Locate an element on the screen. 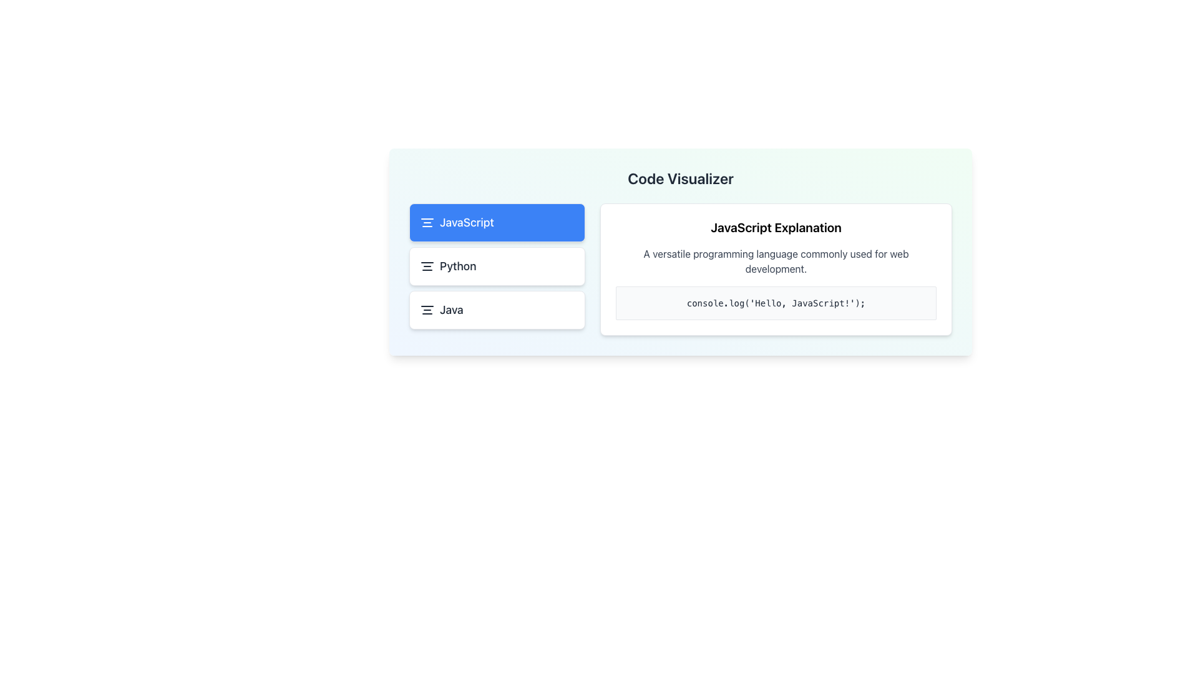  to select the bolded label with the text 'Python', which is positioned between an icon on the left and an empty area on the right, located in the left panel of the interface is located at coordinates (457, 266).